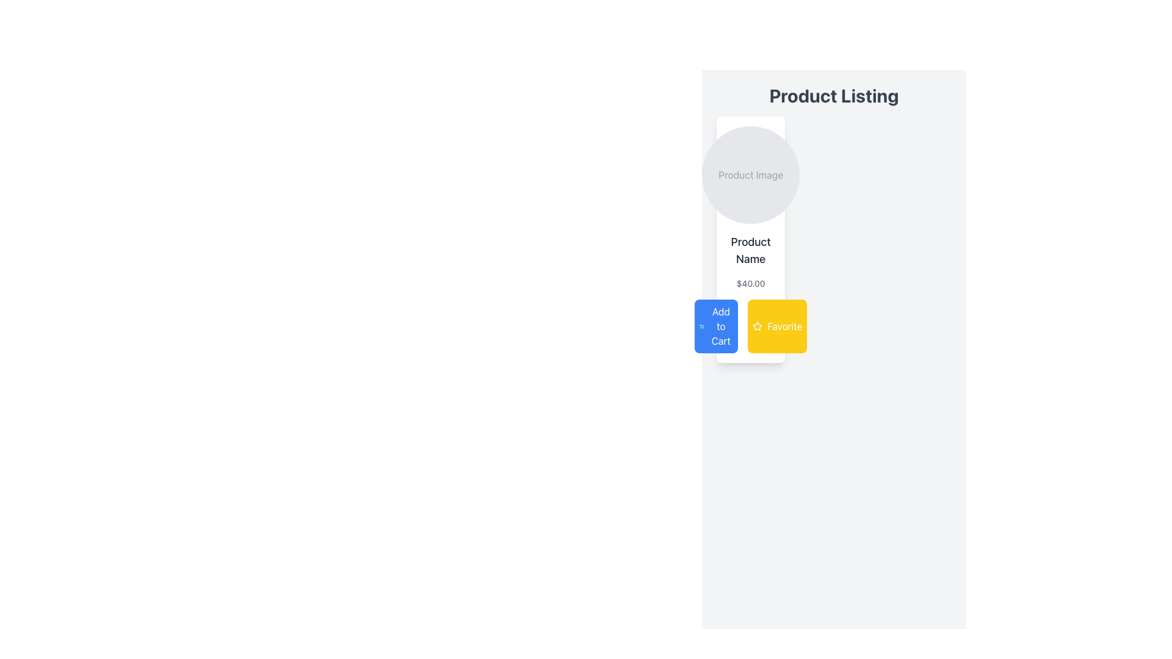 The height and width of the screenshot is (659, 1172). Describe the element at coordinates (833, 95) in the screenshot. I see `the main header text label for the 'Product Listing' page, which is centered at the top of the interface above the product cards` at that location.